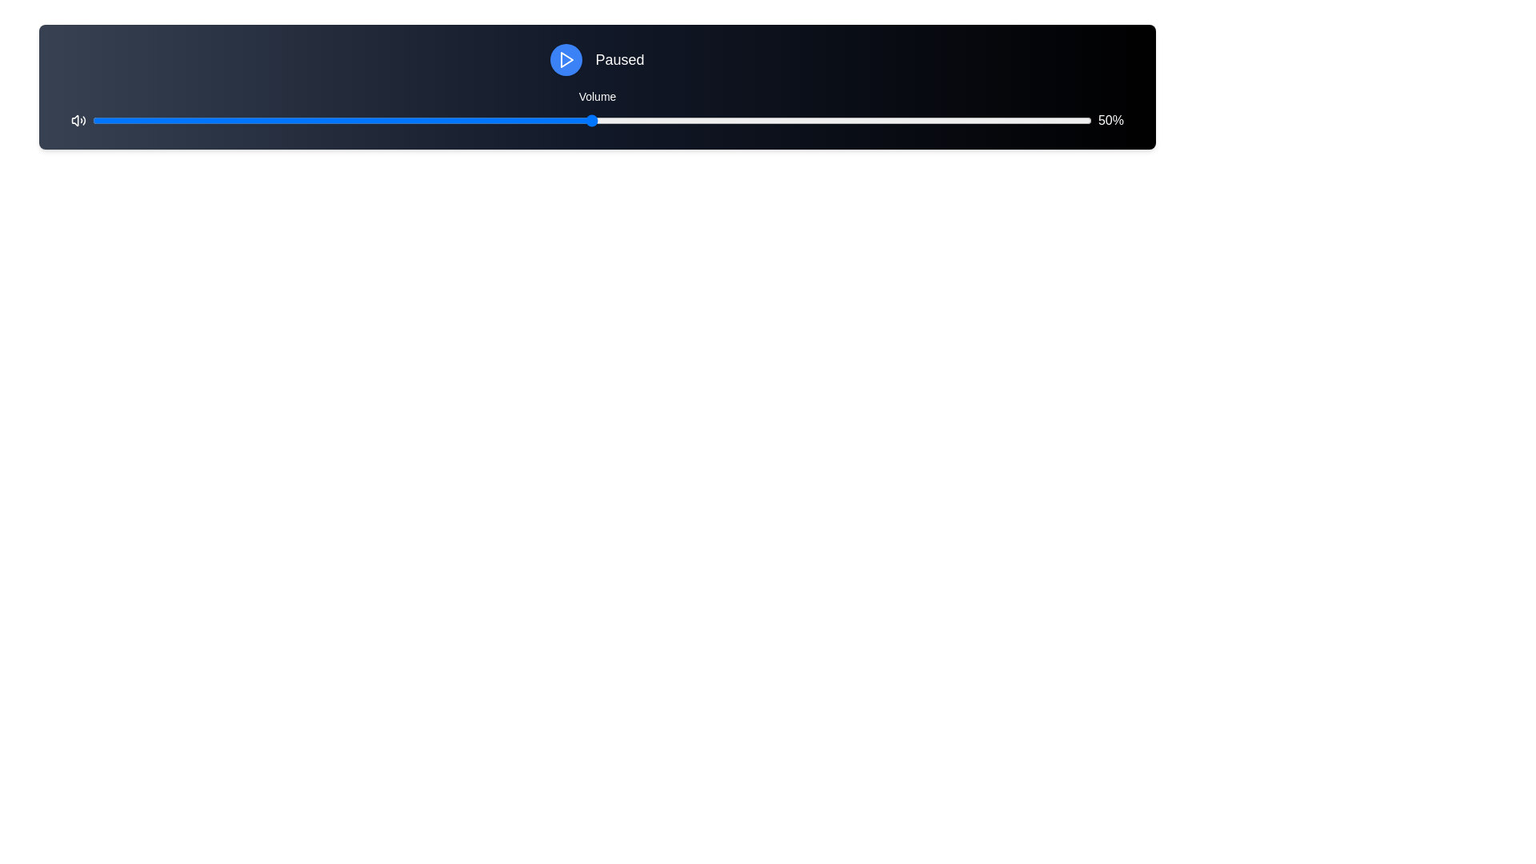 This screenshot has width=1536, height=864. Describe the element at coordinates (597, 119) in the screenshot. I see `the track of the horizontal slider control to reposition the thumb, located between the speaker icon and the '50%' label` at that location.